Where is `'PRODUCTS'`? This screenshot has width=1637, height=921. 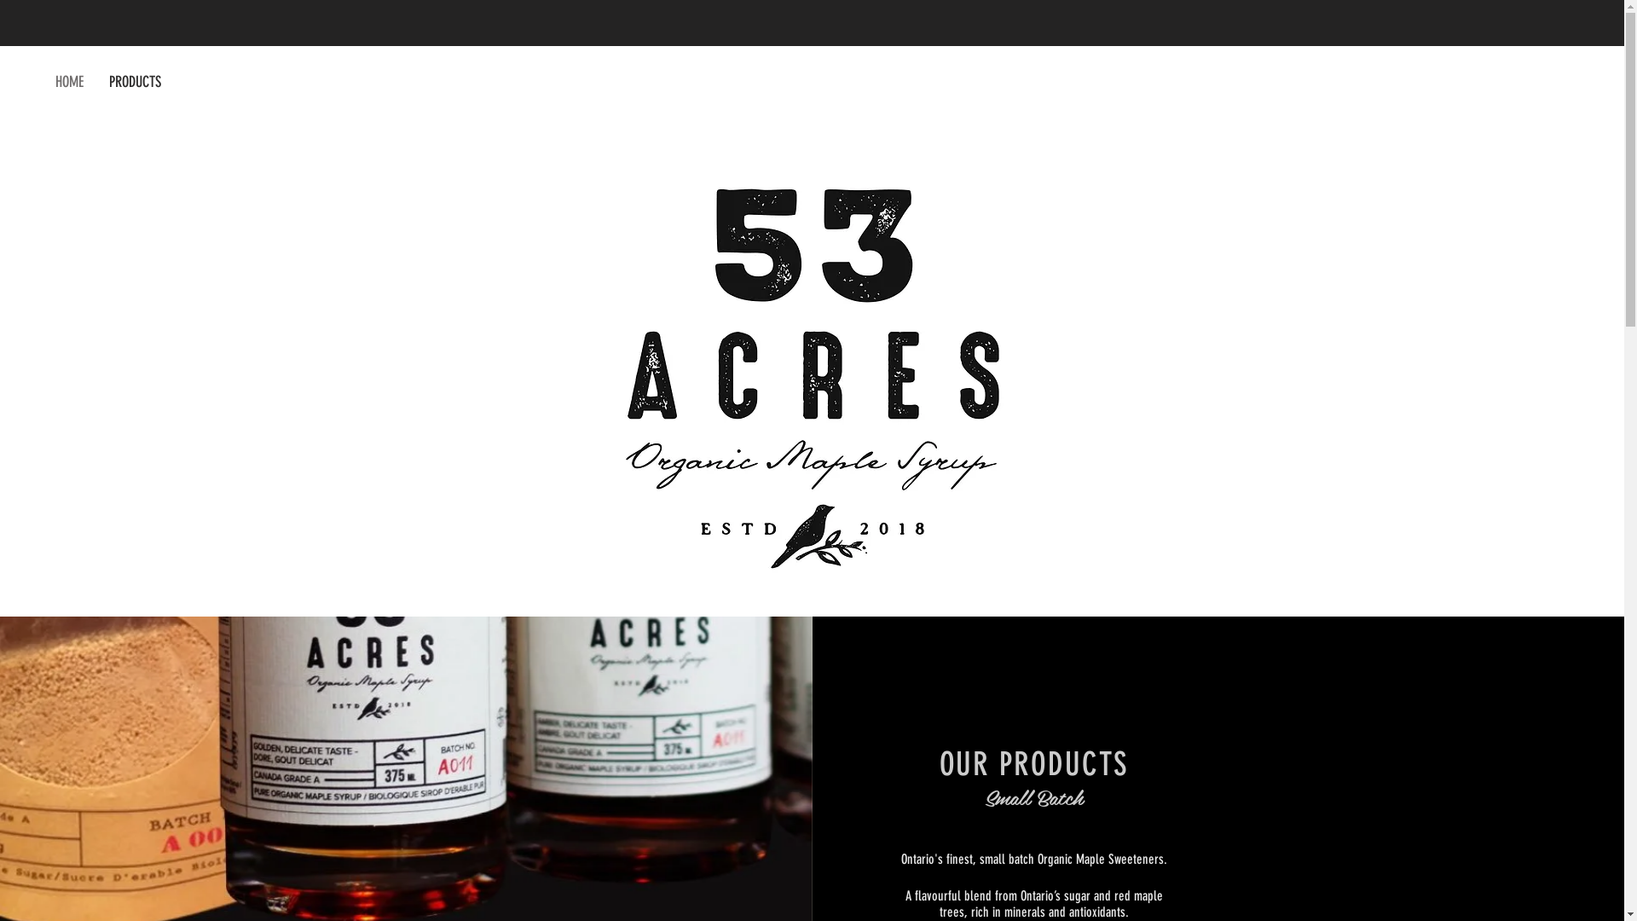 'PRODUCTS' is located at coordinates (134, 82).